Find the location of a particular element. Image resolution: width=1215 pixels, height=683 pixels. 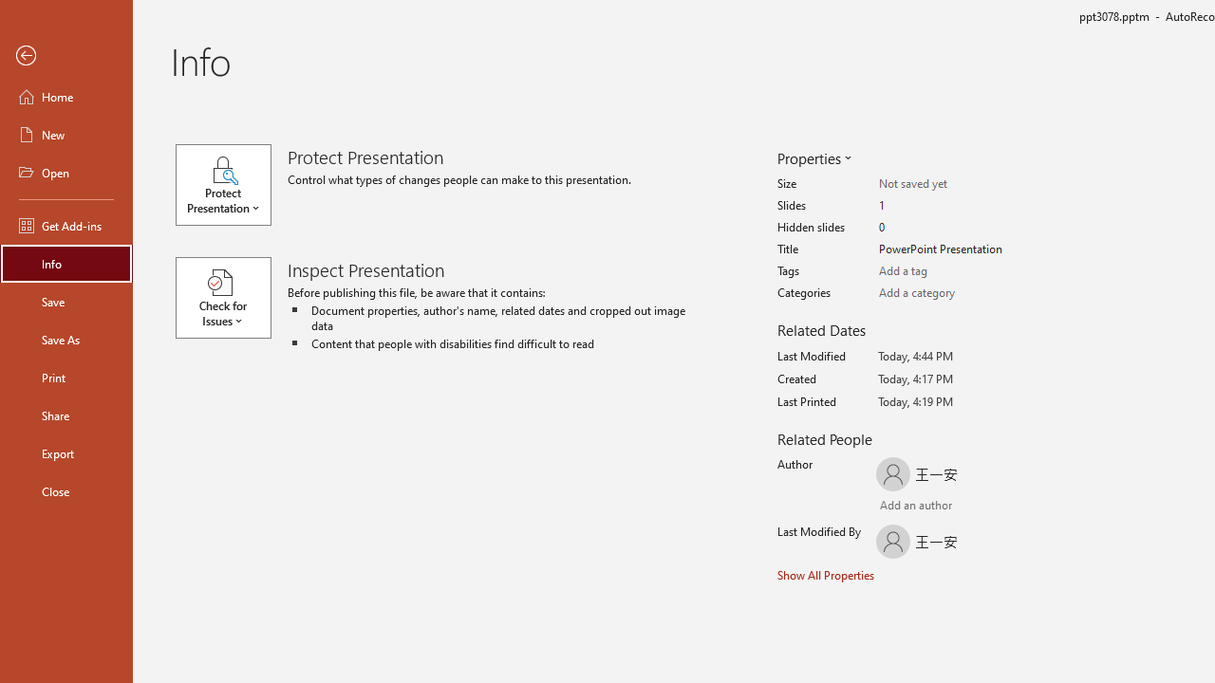

'Add an author' is located at coordinates (898, 506).